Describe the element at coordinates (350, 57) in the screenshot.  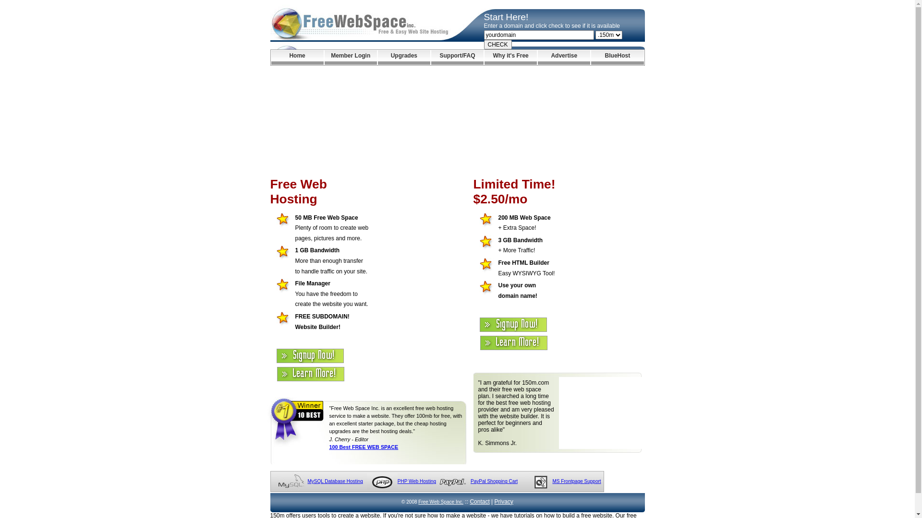
I see `'Member Login'` at that location.